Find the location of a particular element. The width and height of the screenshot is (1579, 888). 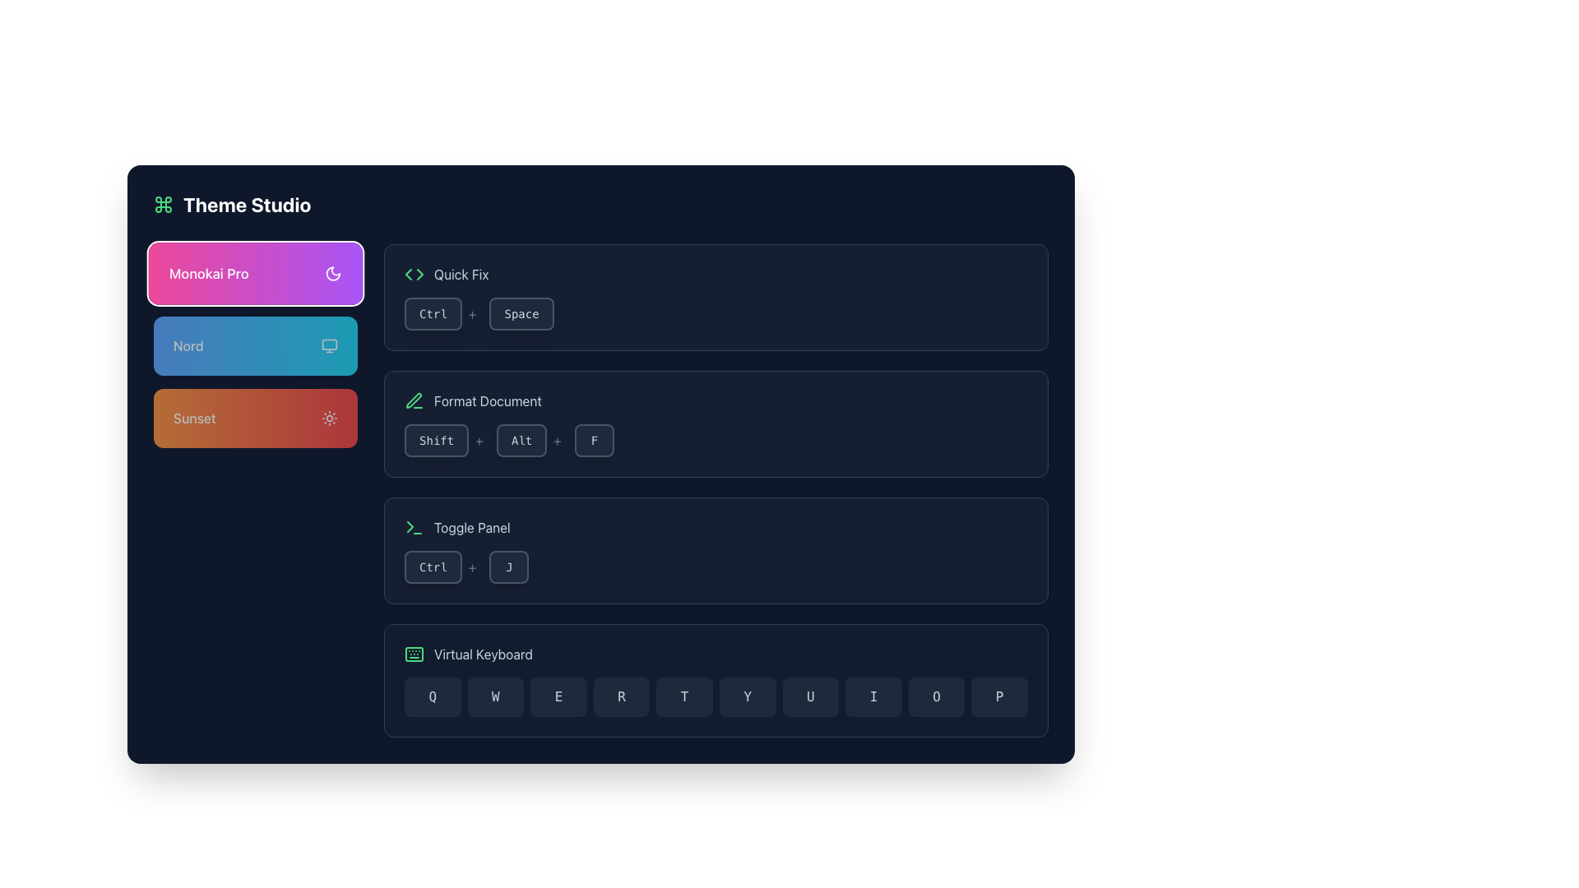

the 'Quick Fix' label which is styled with a lighter shade and accompanied by two greenish chevron-like icons, located in the upper-middle area of the interface is located at coordinates (447, 274).